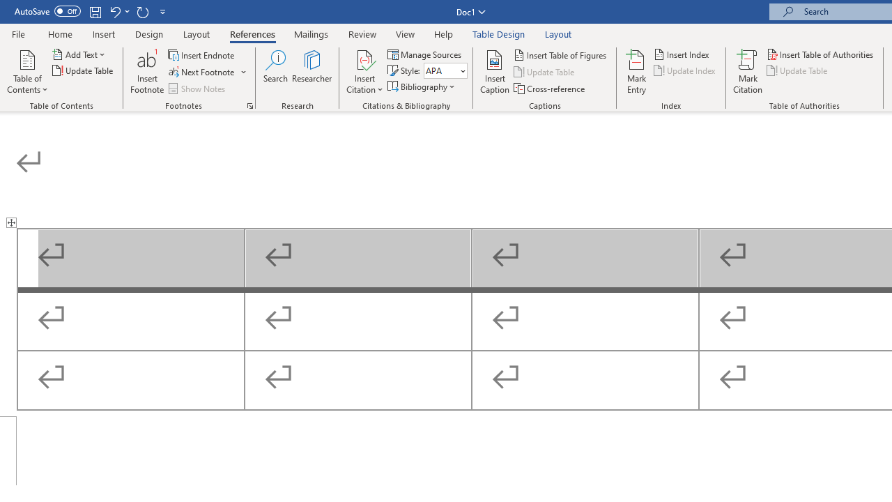 The image size is (892, 502). I want to click on 'Insert Table of Authorities...', so click(821, 54).